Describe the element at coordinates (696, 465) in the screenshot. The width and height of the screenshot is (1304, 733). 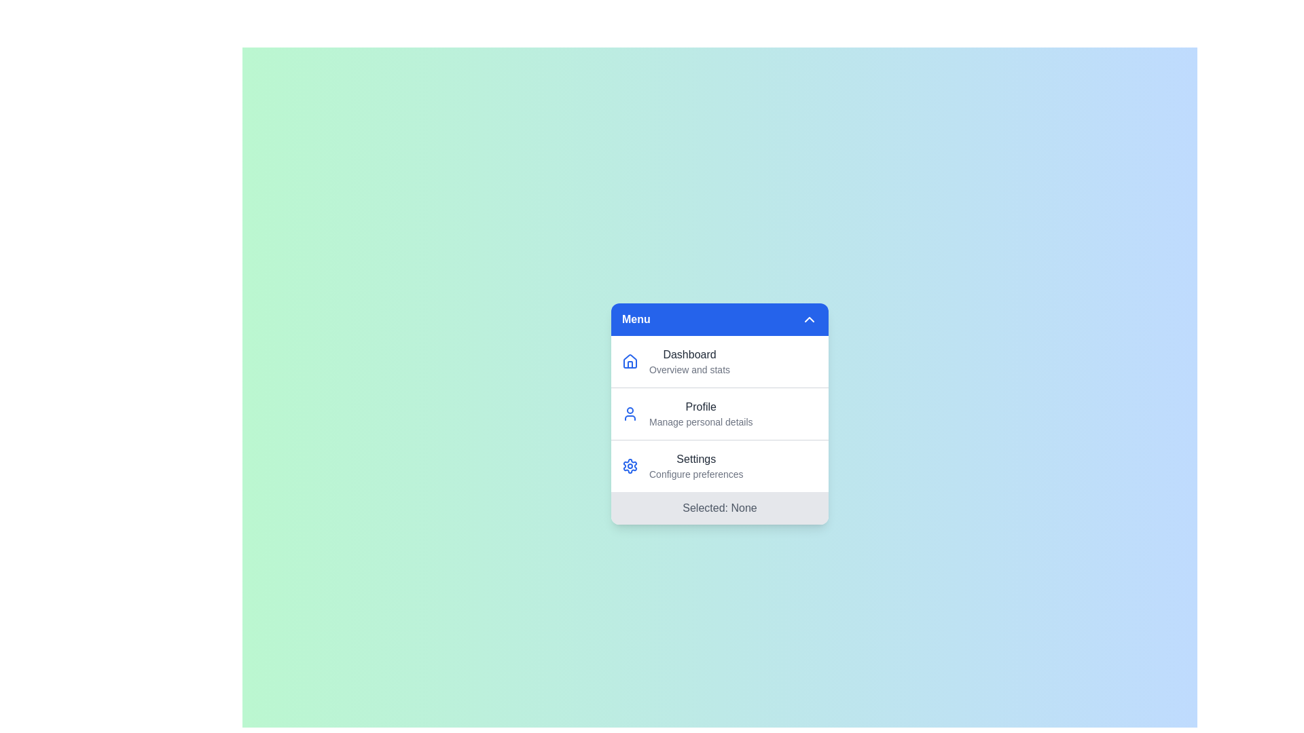
I see `the menu item Settings from the menu` at that location.